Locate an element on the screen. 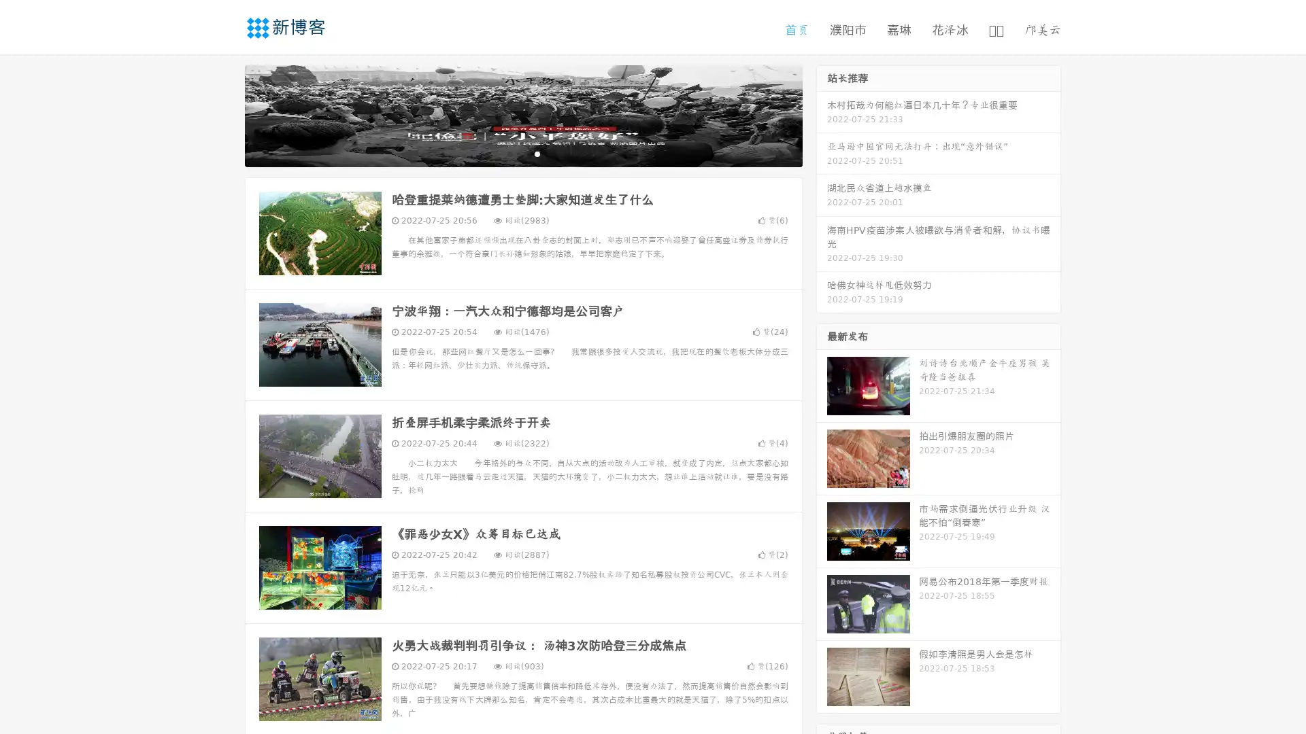 The height and width of the screenshot is (734, 1306). Previous slide is located at coordinates (224, 114).